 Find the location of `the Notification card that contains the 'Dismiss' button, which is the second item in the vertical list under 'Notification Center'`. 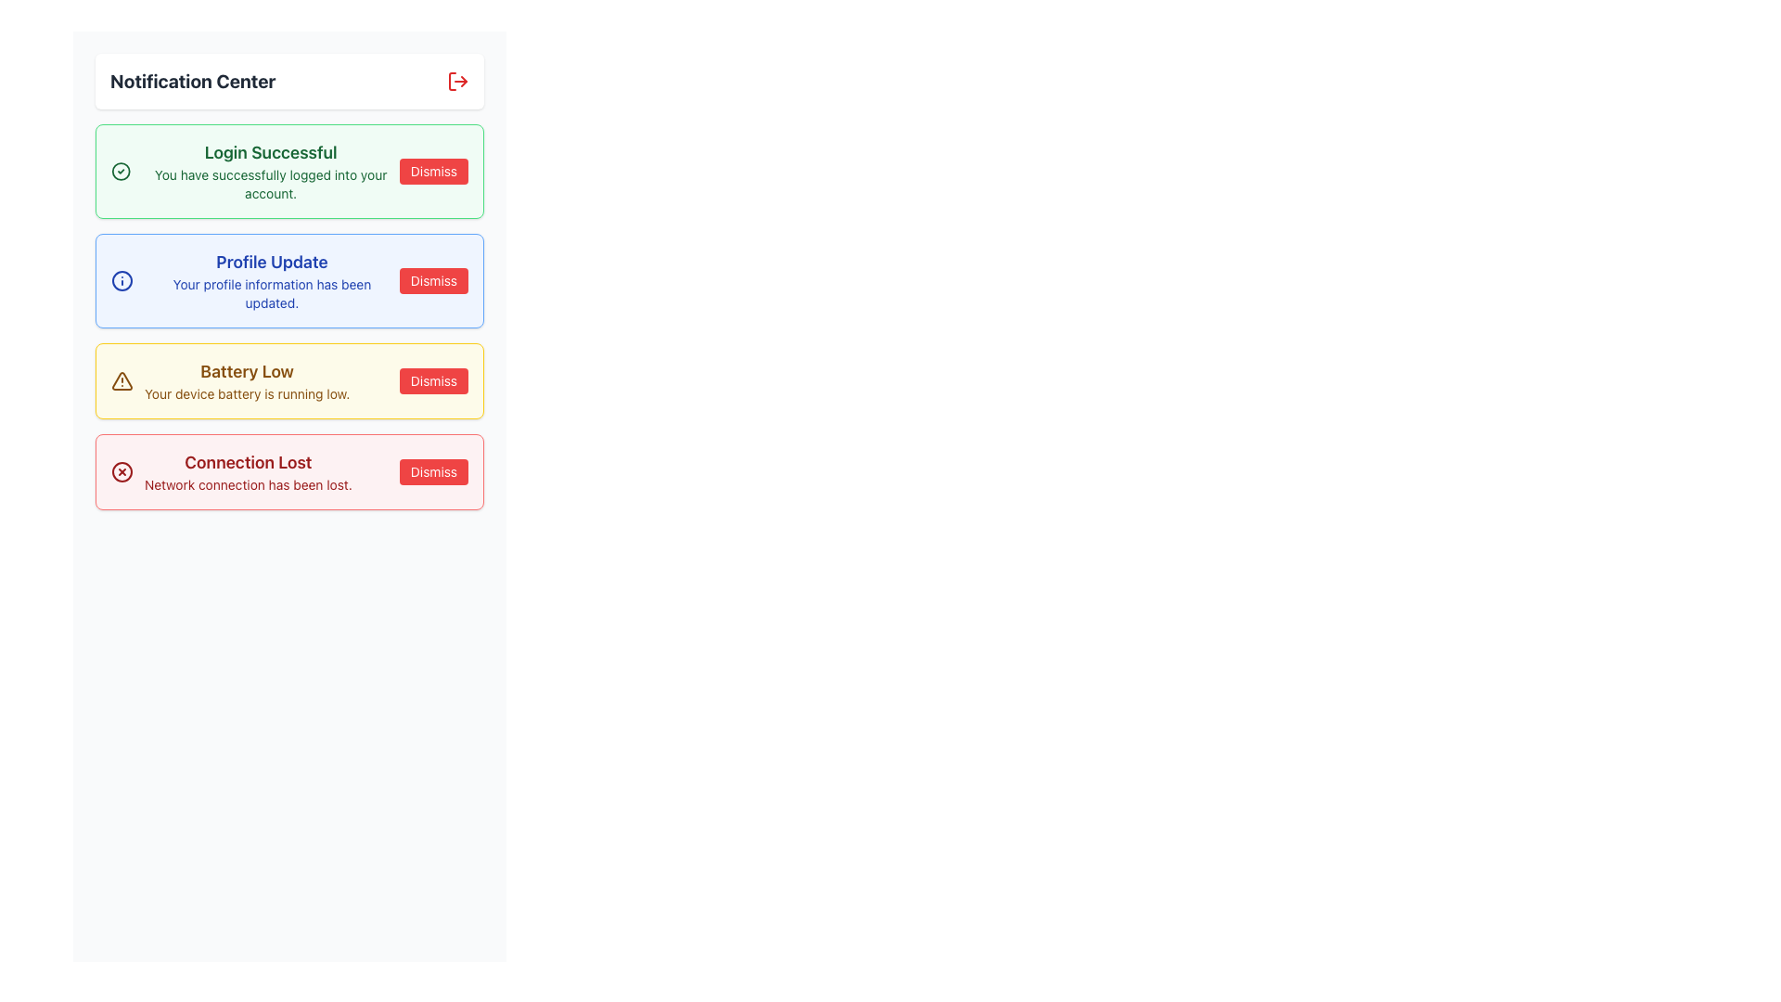

the Notification card that contains the 'Dismiss' button, which is the second item in the vertical list under 'Notification Center' is located at coordinates (288, 281).